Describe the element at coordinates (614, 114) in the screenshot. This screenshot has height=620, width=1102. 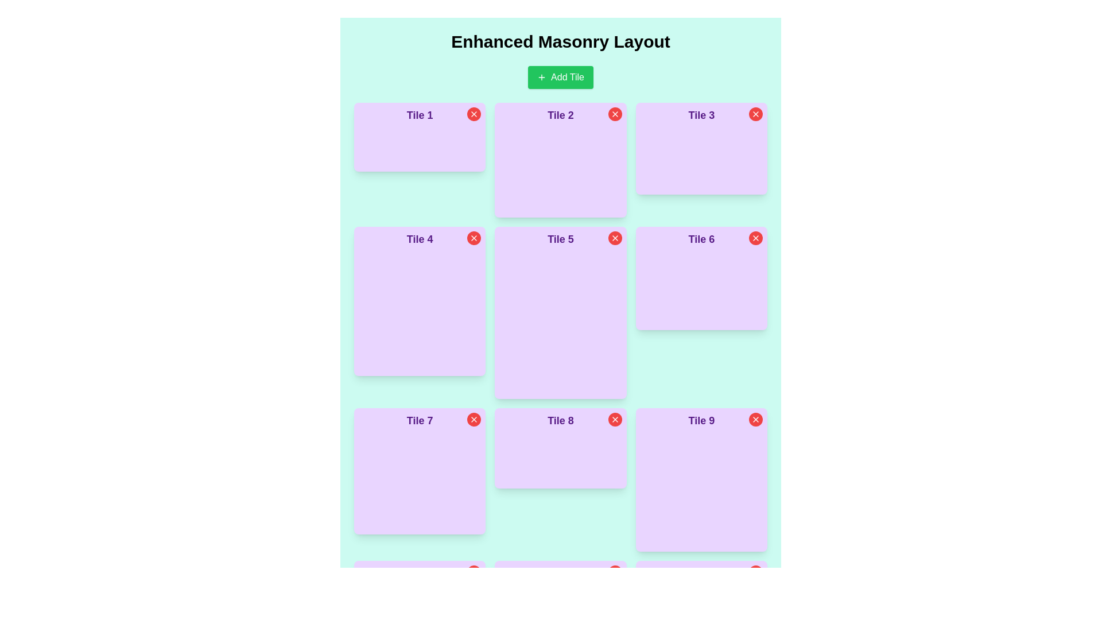
I see `the small circular red button with a white 'X' icon located in the top-right corner of the purple tile labeled 'Tile 2'` at that location.